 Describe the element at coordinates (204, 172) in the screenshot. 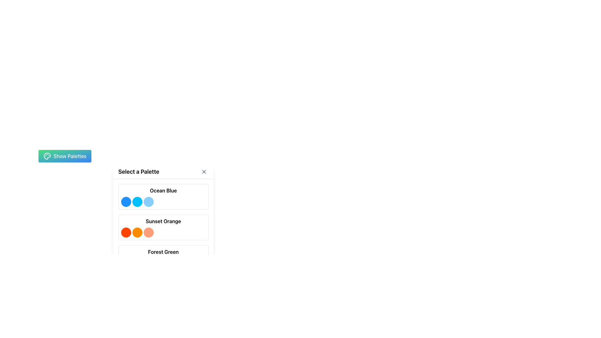

I see `the 'X' icon button located on the right side of the header, adjacent to the 'Select a Palette' text` at that location.